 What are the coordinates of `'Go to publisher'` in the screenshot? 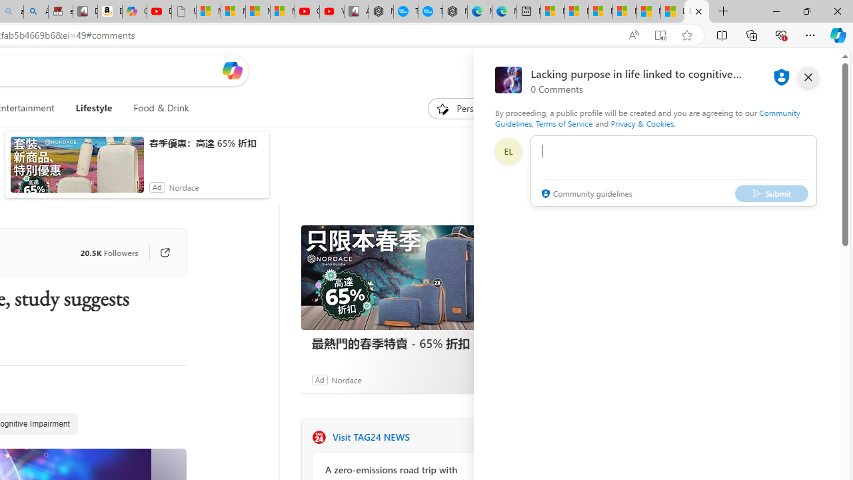 It's located at (158, 253).